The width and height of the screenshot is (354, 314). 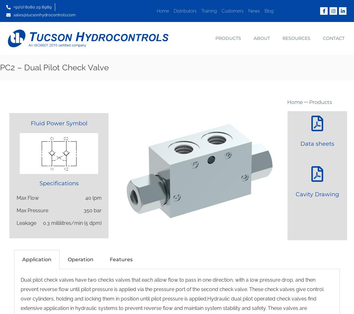 I want to click on '>>', so click(x=306, y=102).